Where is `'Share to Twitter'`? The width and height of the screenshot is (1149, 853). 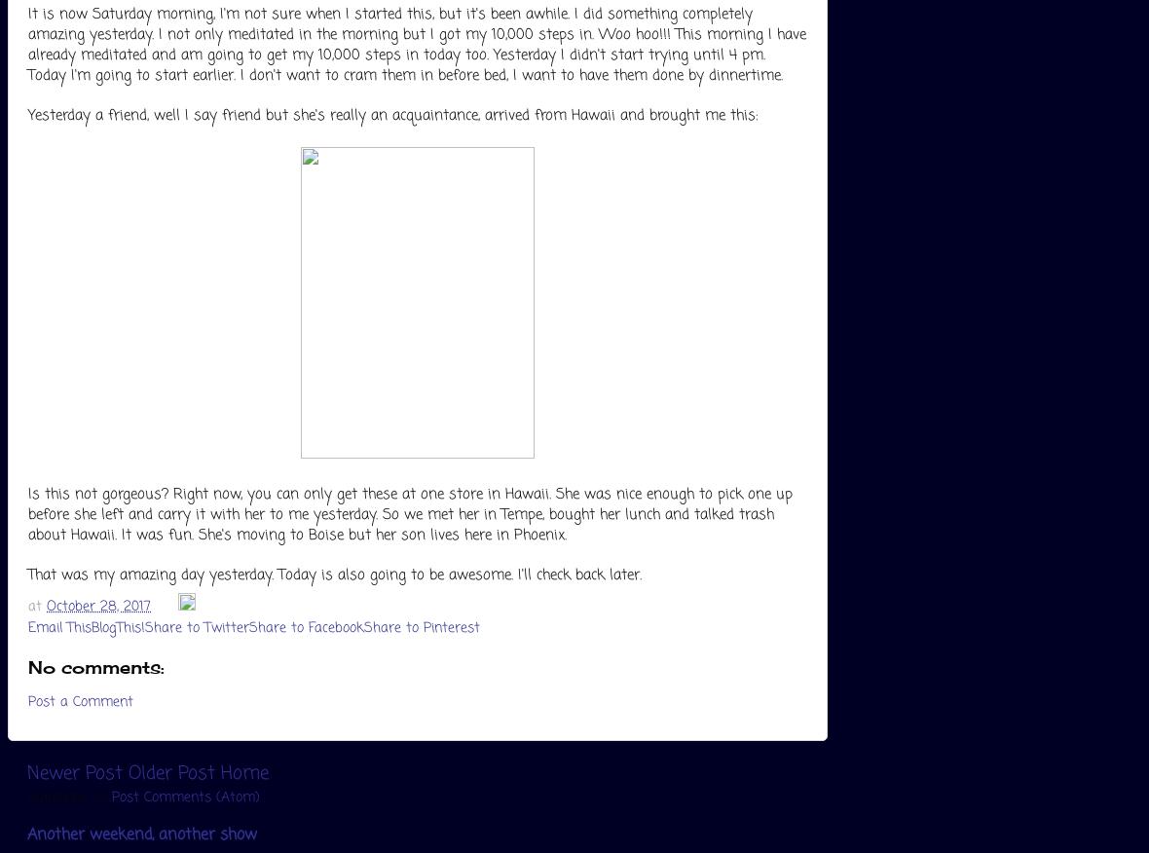 'Share to Twitter' is located at coordinates (197, 627).